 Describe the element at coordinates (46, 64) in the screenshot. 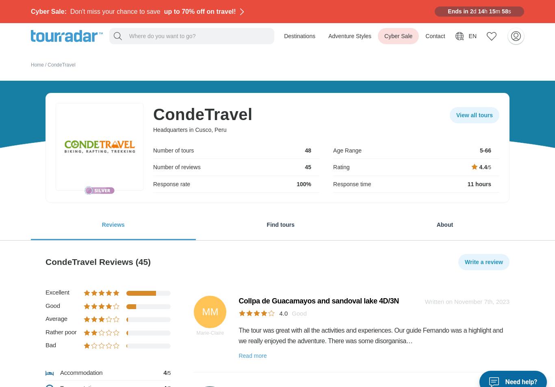

I see `'/'` at that location.